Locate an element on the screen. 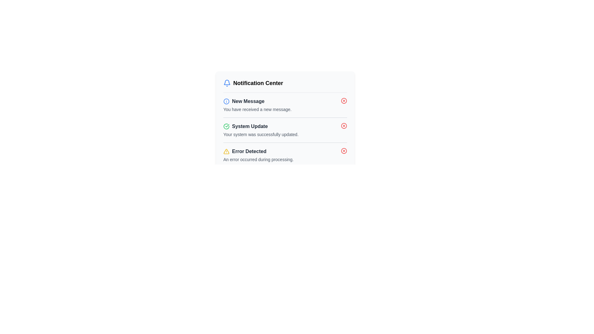  the blue bell-shaped icon that represents notifications, located to the left of the 'Notification Center' text is located at coordinates (227, 83).